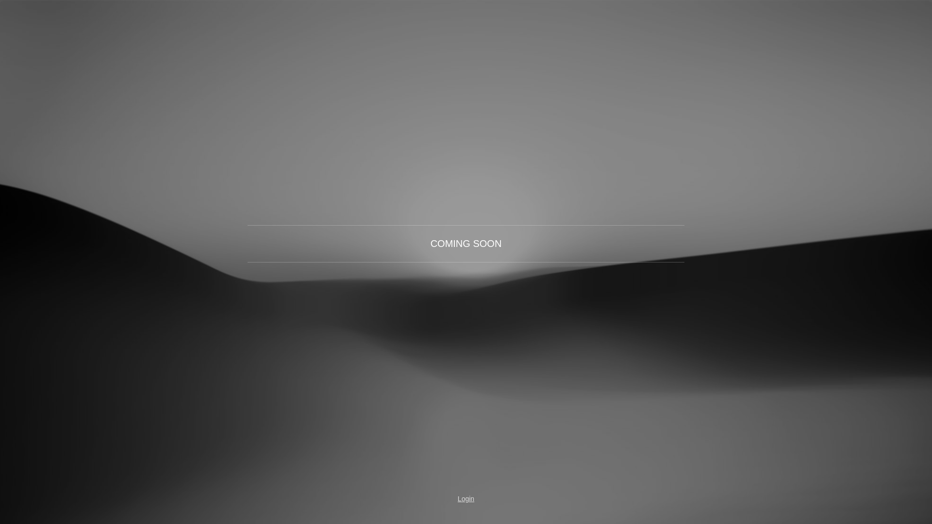 The height and width of the screenshot is (524, 932). I want to click on 'Login', so click(437, 499).